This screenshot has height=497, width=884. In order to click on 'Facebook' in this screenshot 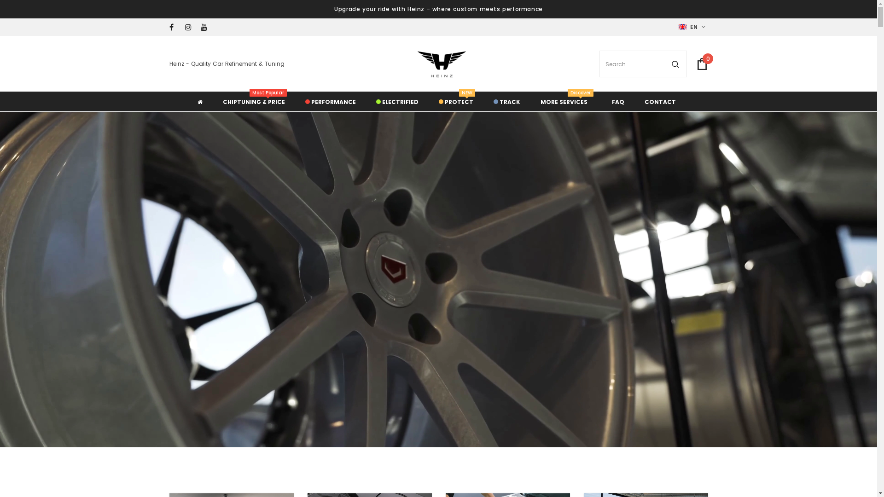, I will do `click(175, 27)`.